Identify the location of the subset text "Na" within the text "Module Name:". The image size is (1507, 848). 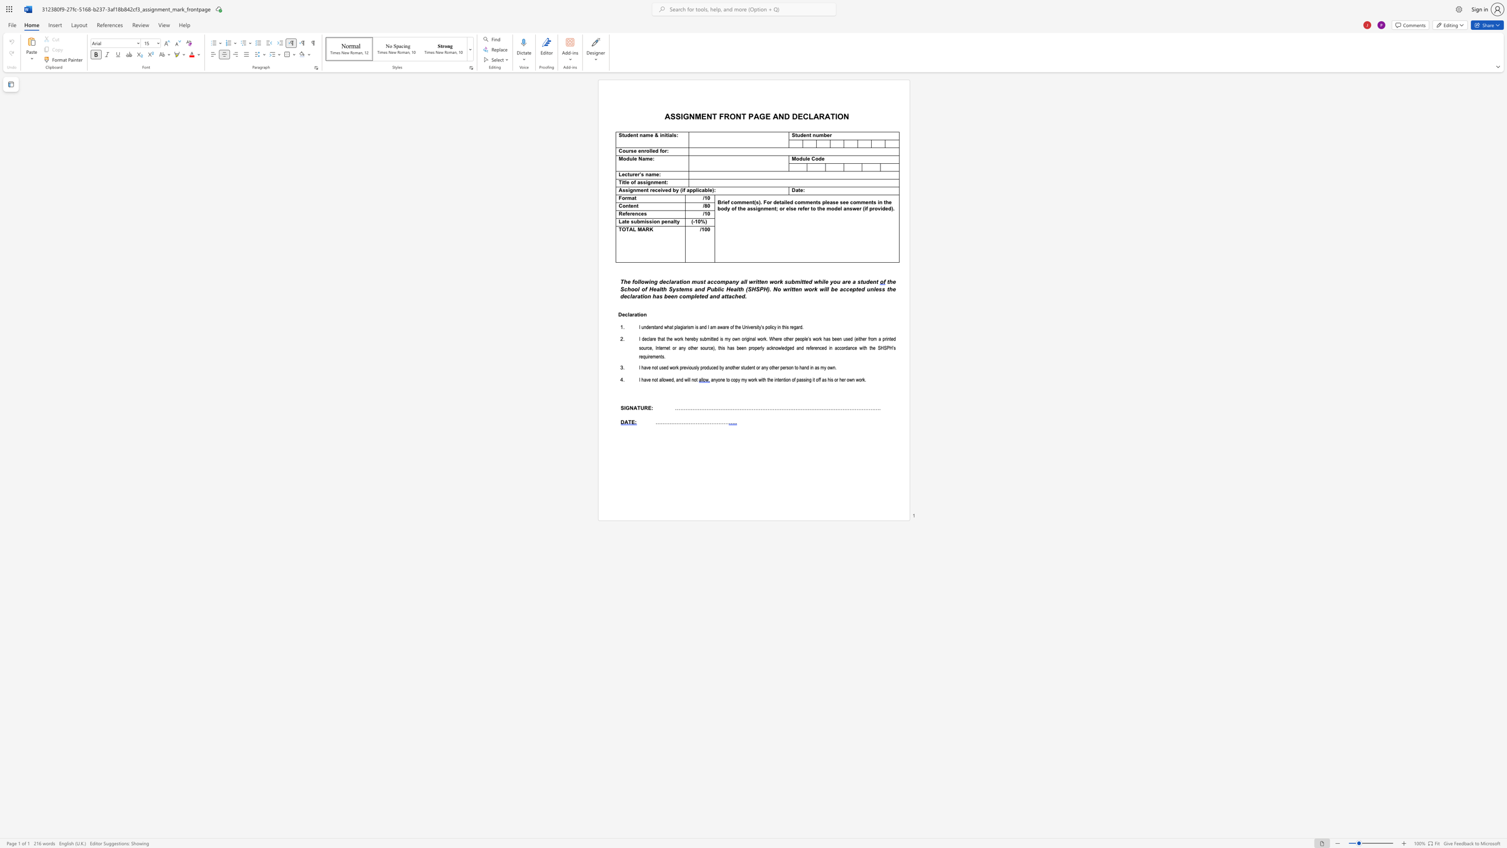
(638, 159).